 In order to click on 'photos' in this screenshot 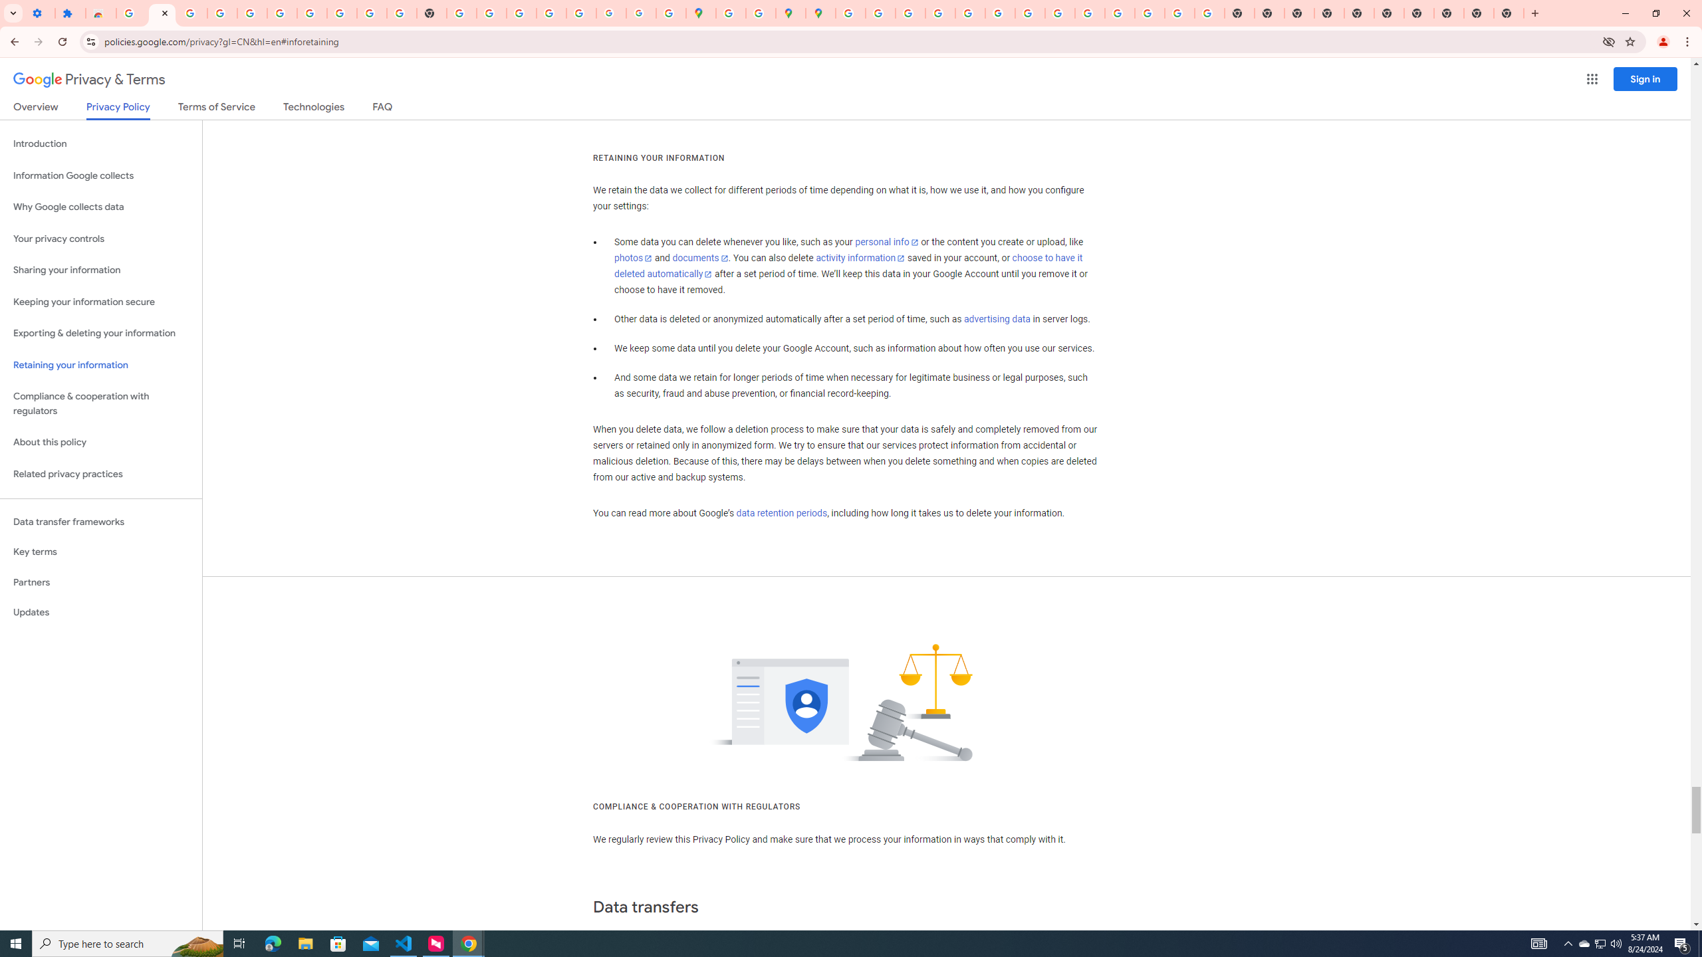, I will do `click(634, 257)`.